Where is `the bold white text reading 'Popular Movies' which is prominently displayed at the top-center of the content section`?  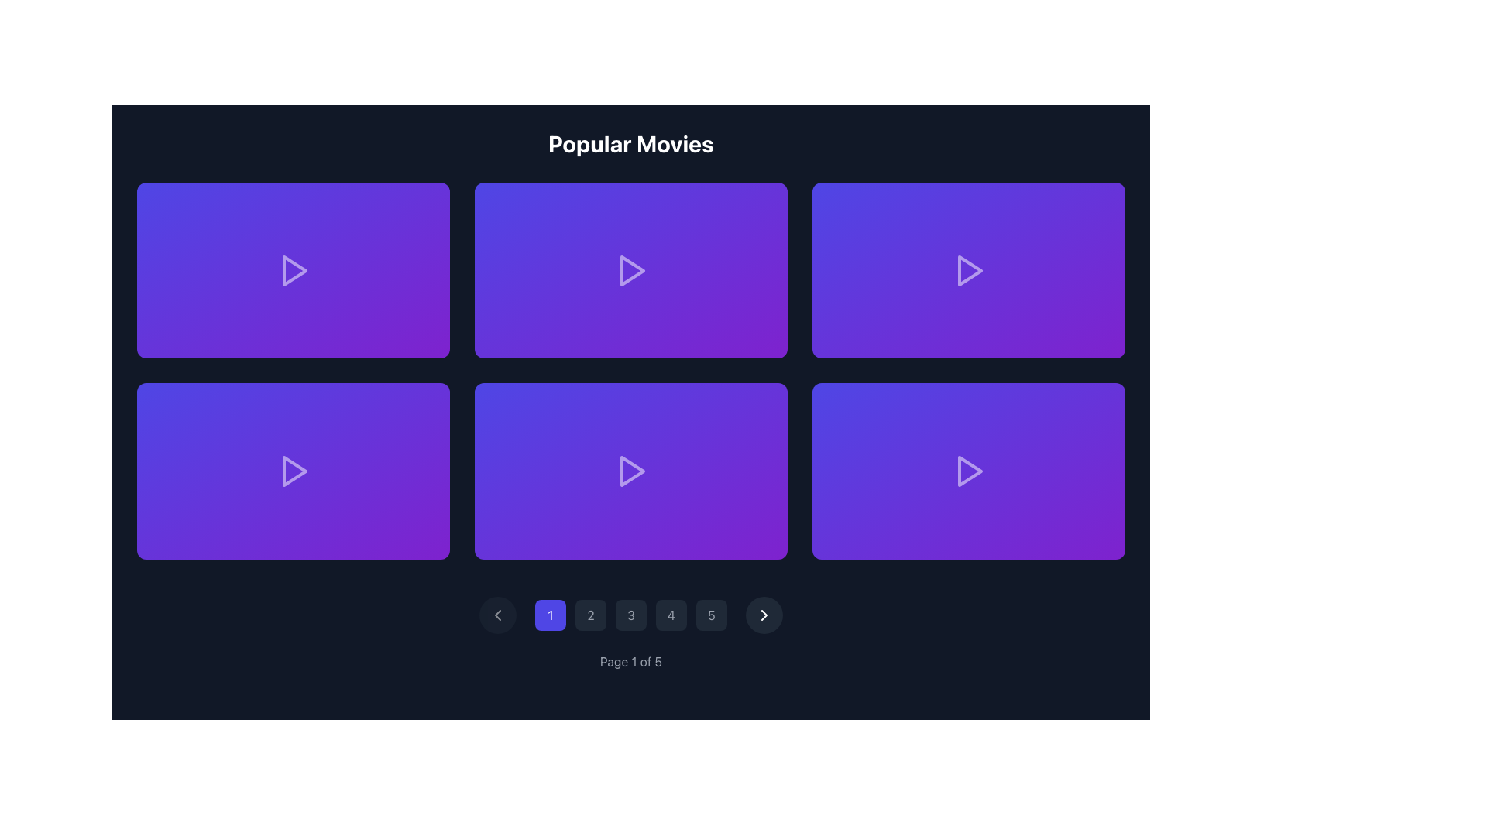
the bold white text reading 'Popular Movies' which is prominently displayed at the top-center of the content section is located at coordinates (631, 143).